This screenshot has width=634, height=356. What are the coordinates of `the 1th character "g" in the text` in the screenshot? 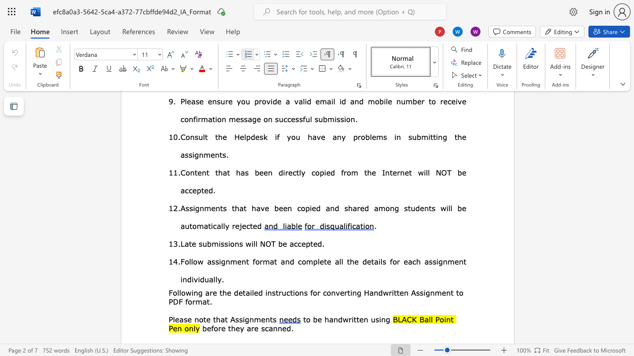 It's located at (222, 261).